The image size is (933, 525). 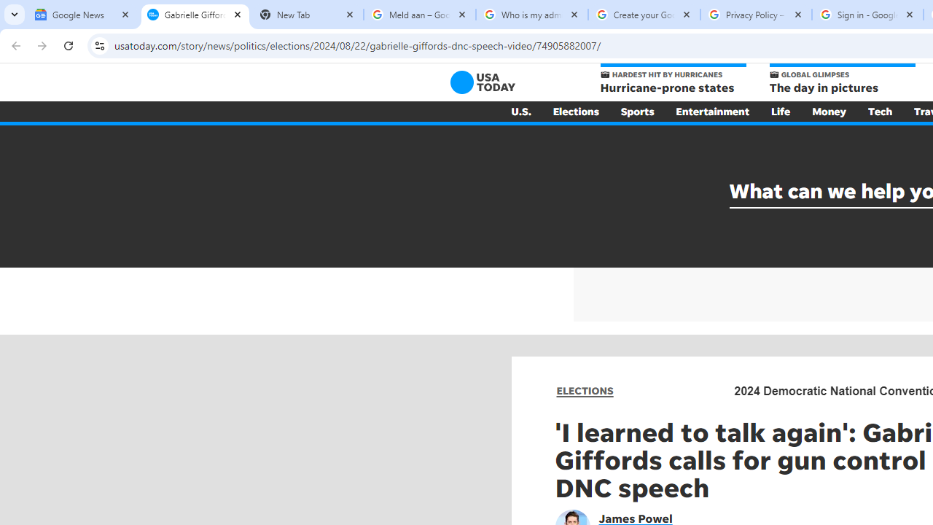 I want to click on 'Google News', so click(x=82, y=15).